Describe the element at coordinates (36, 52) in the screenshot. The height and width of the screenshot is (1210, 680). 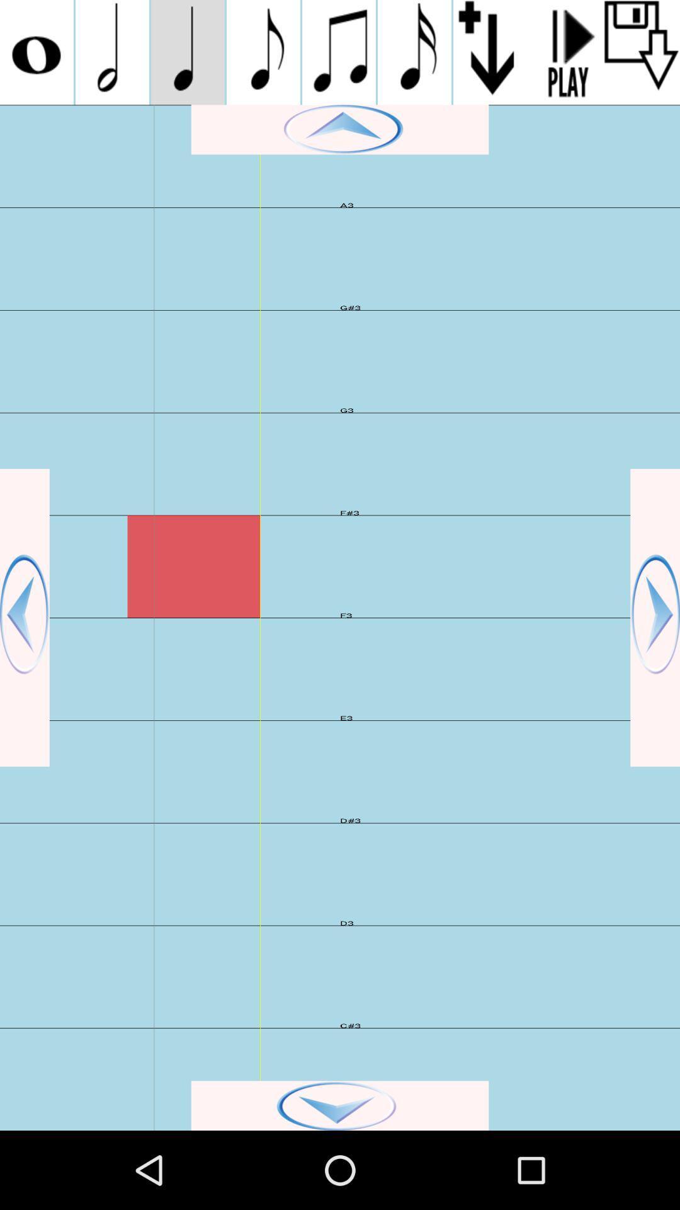
I see `note` at that location.